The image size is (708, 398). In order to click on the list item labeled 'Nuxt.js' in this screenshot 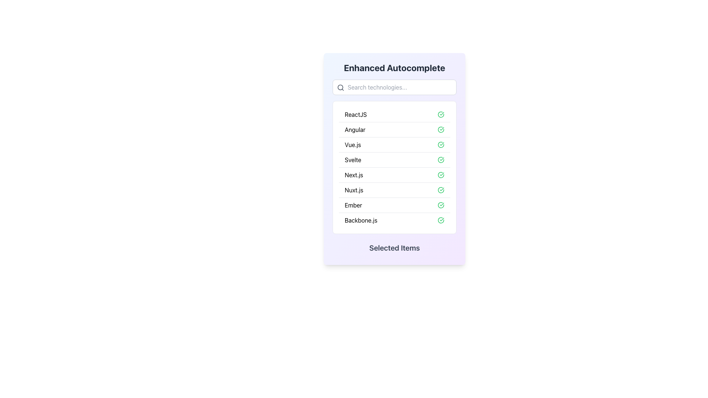, I will do `click(354, 190)`.